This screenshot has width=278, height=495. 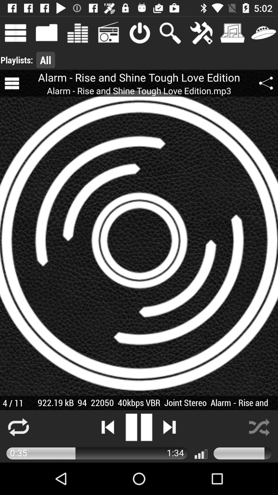 I want to click on the app to the right of alarm rise and item, so click(x=266, y=83).